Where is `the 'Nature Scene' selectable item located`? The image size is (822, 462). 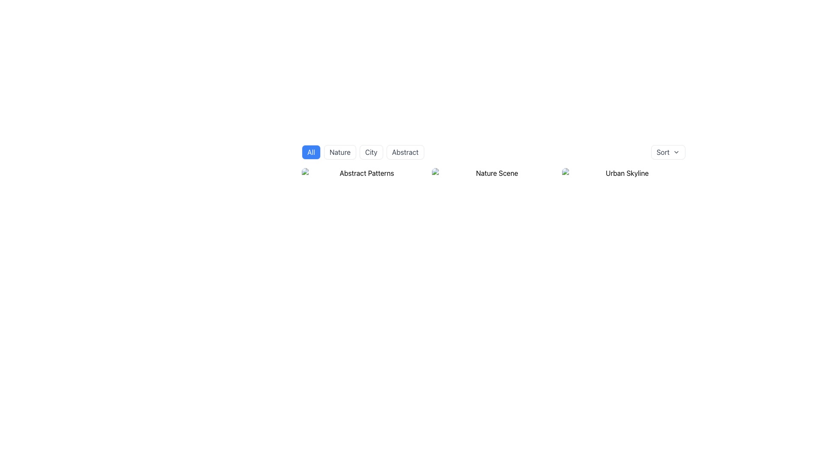
the 'Nature Scene' selectable item located is located at coordinates (493, 173).